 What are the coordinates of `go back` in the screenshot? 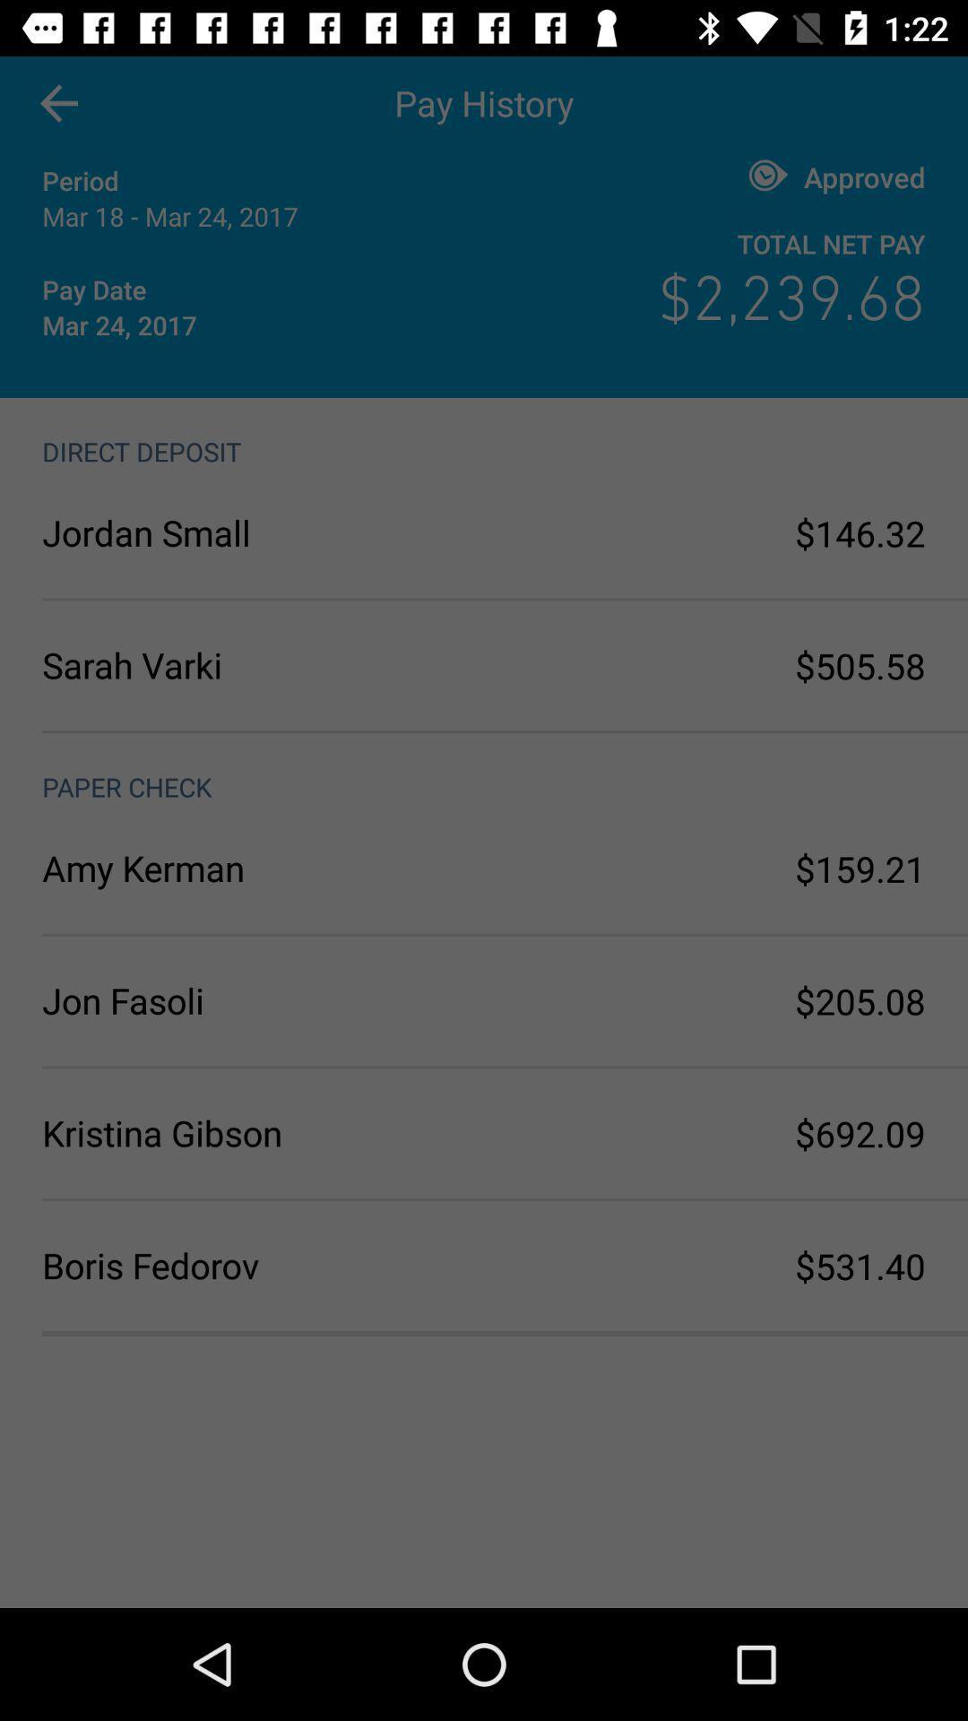 It's located at (57, 102).